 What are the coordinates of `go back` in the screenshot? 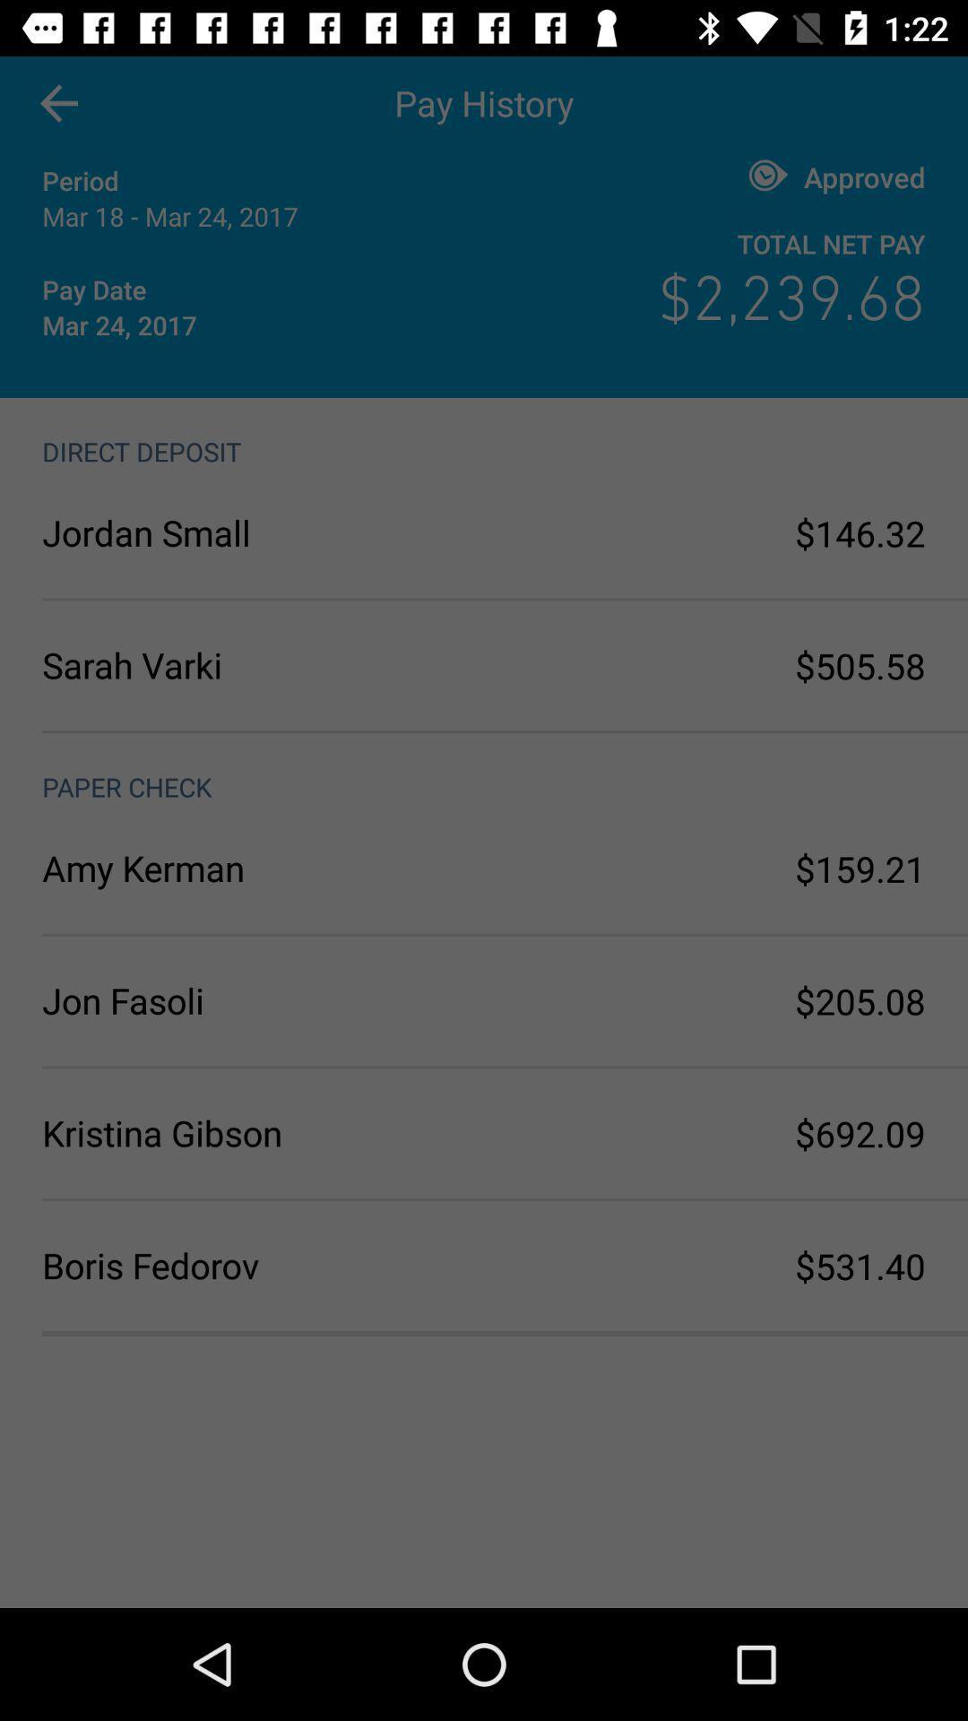 It's located at (57, 102).